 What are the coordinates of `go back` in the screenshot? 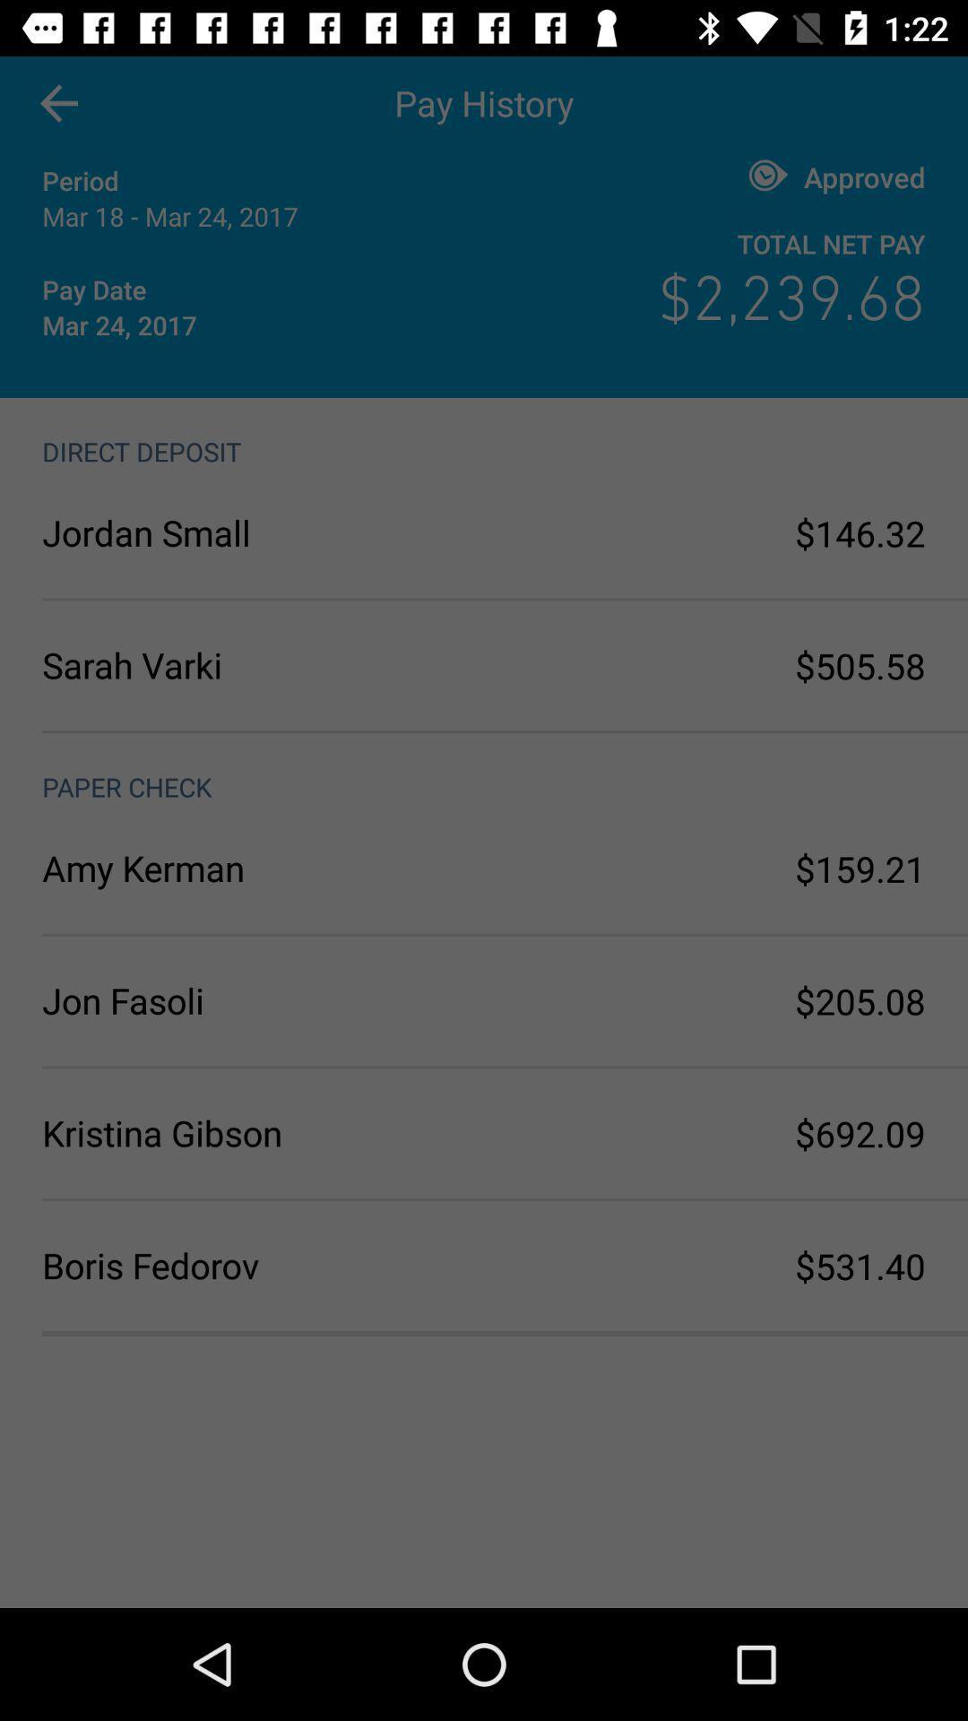 It's located at (57, 102).